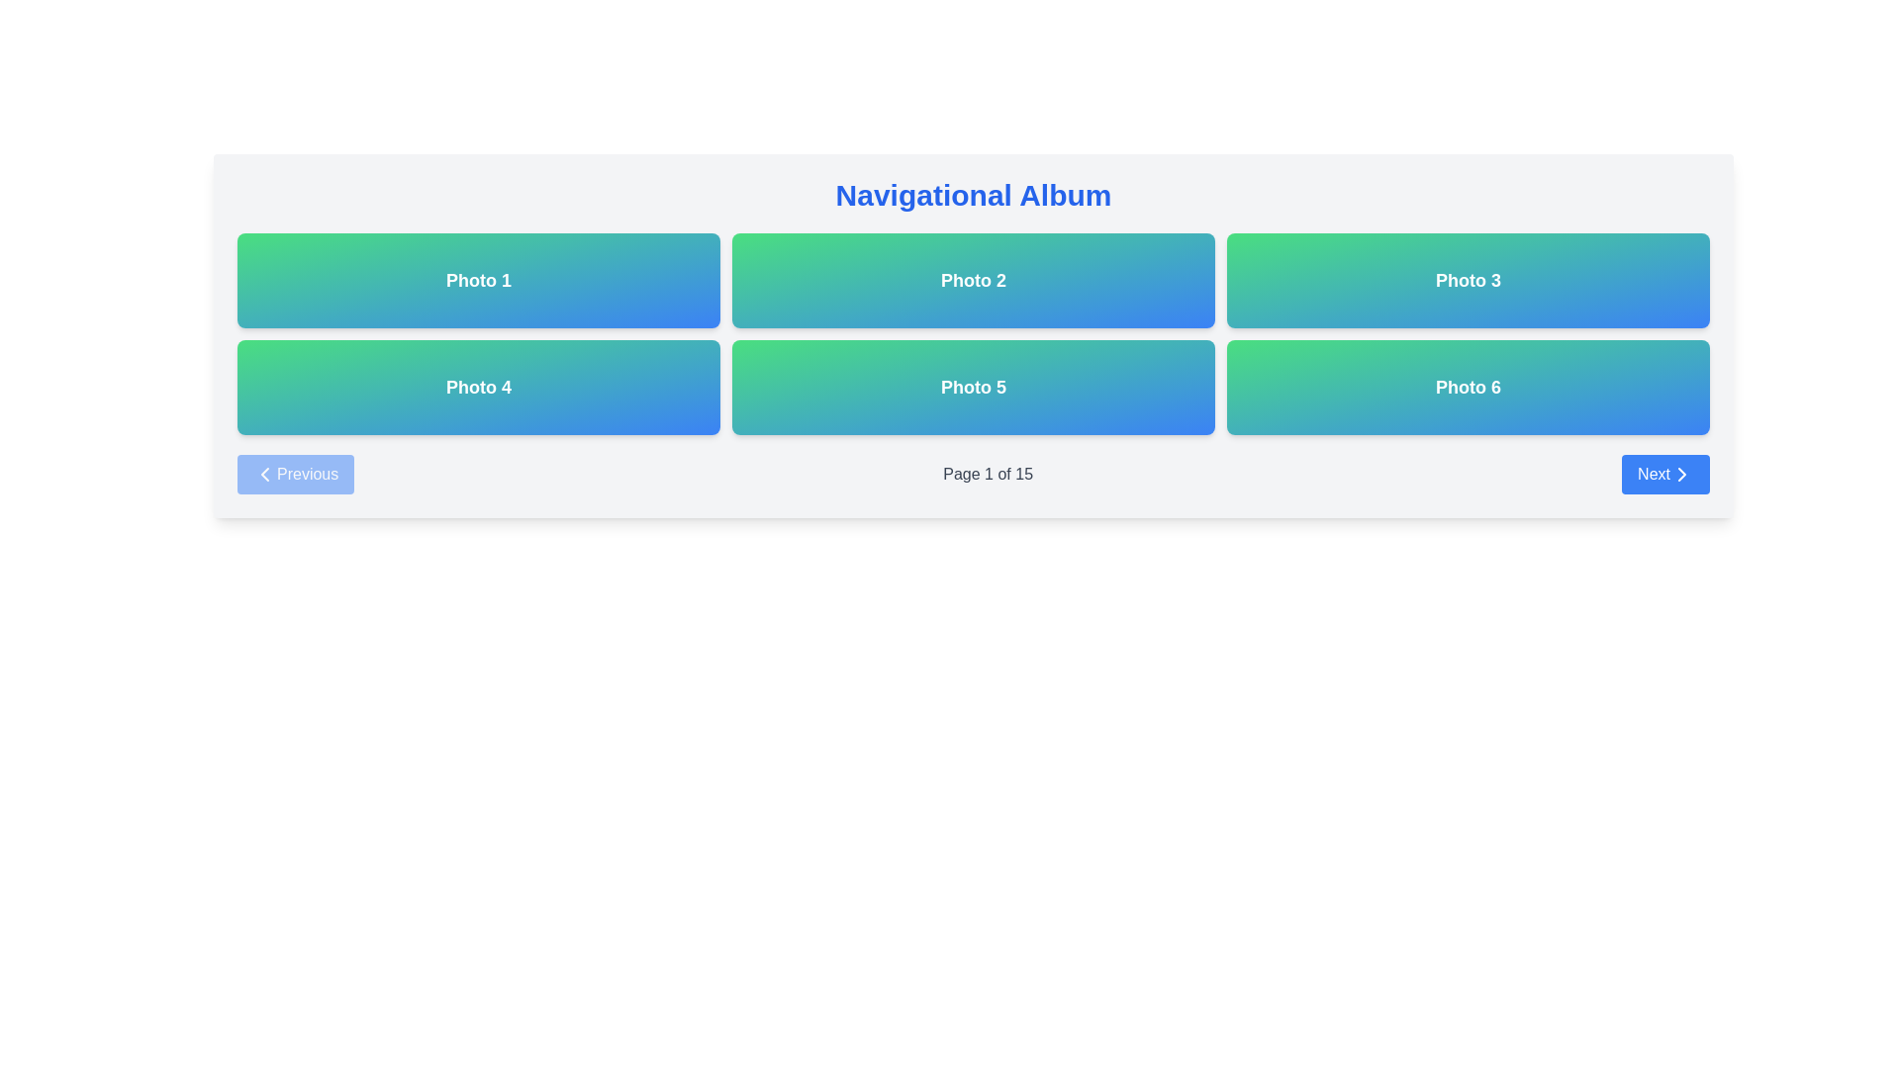  What do you see at coordinates (264, 474) in the screenshot?
I see `the Icon embedded in the 'Previous' button, which serves as a visual indicator for page navigation` at bounding box center [264, 474].